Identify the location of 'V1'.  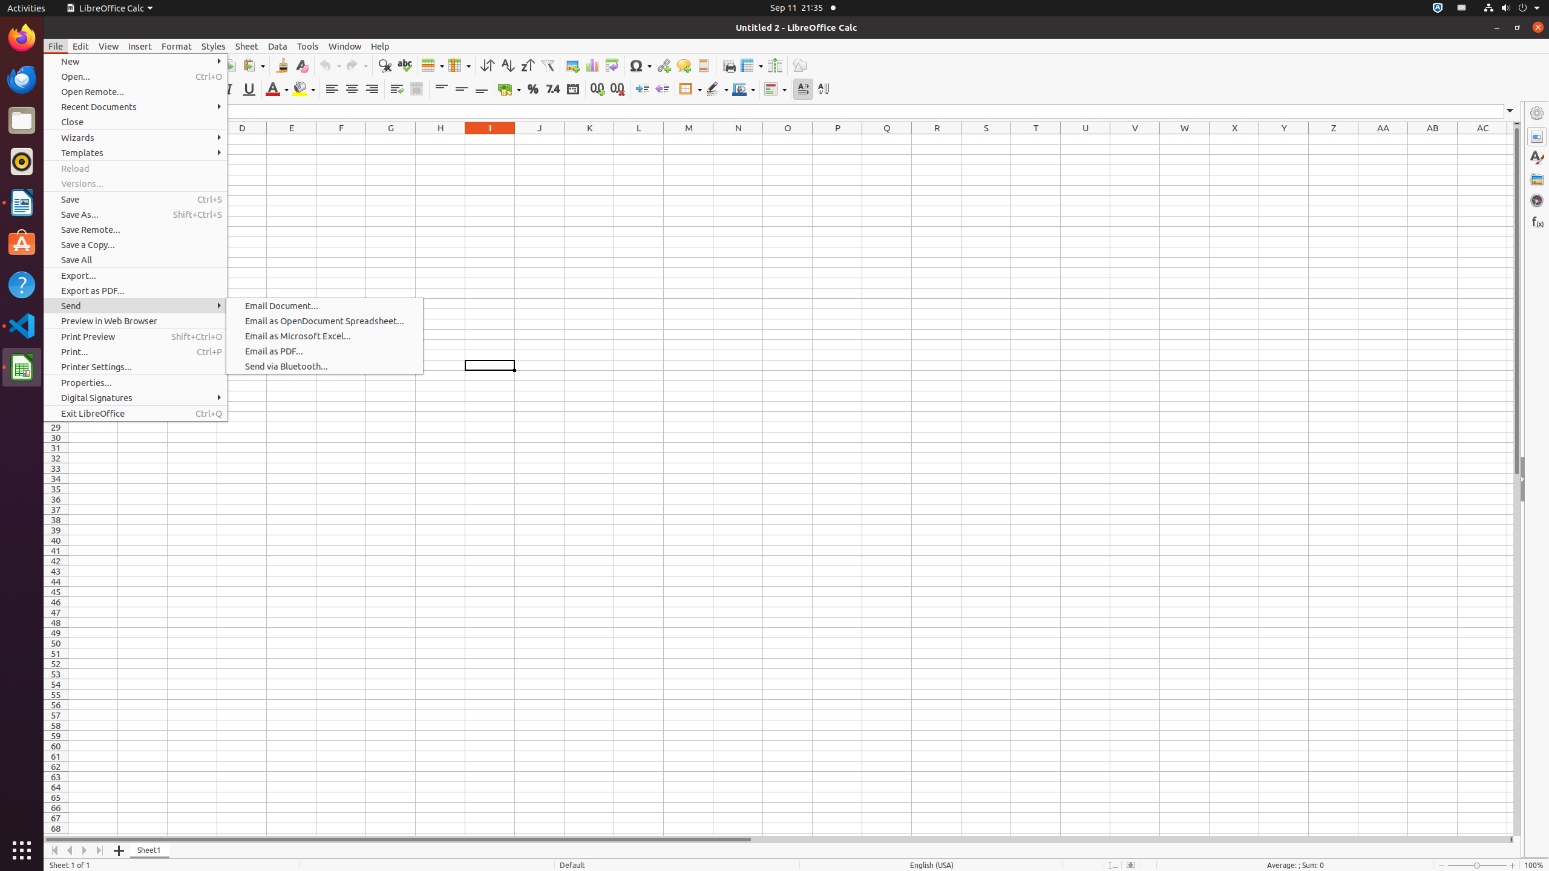
(1135, 139).